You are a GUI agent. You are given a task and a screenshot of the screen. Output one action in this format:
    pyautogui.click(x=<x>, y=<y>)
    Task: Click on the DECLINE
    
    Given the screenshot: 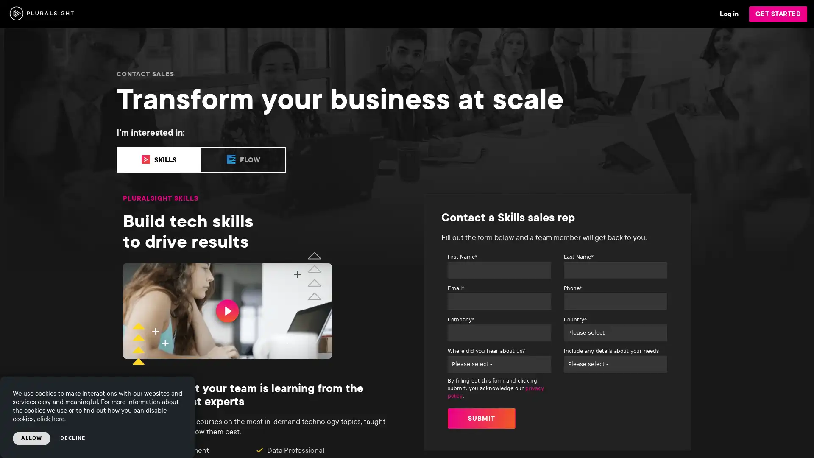 What is the action you would take?
    pyautogui.click(x=73, y=438)
    